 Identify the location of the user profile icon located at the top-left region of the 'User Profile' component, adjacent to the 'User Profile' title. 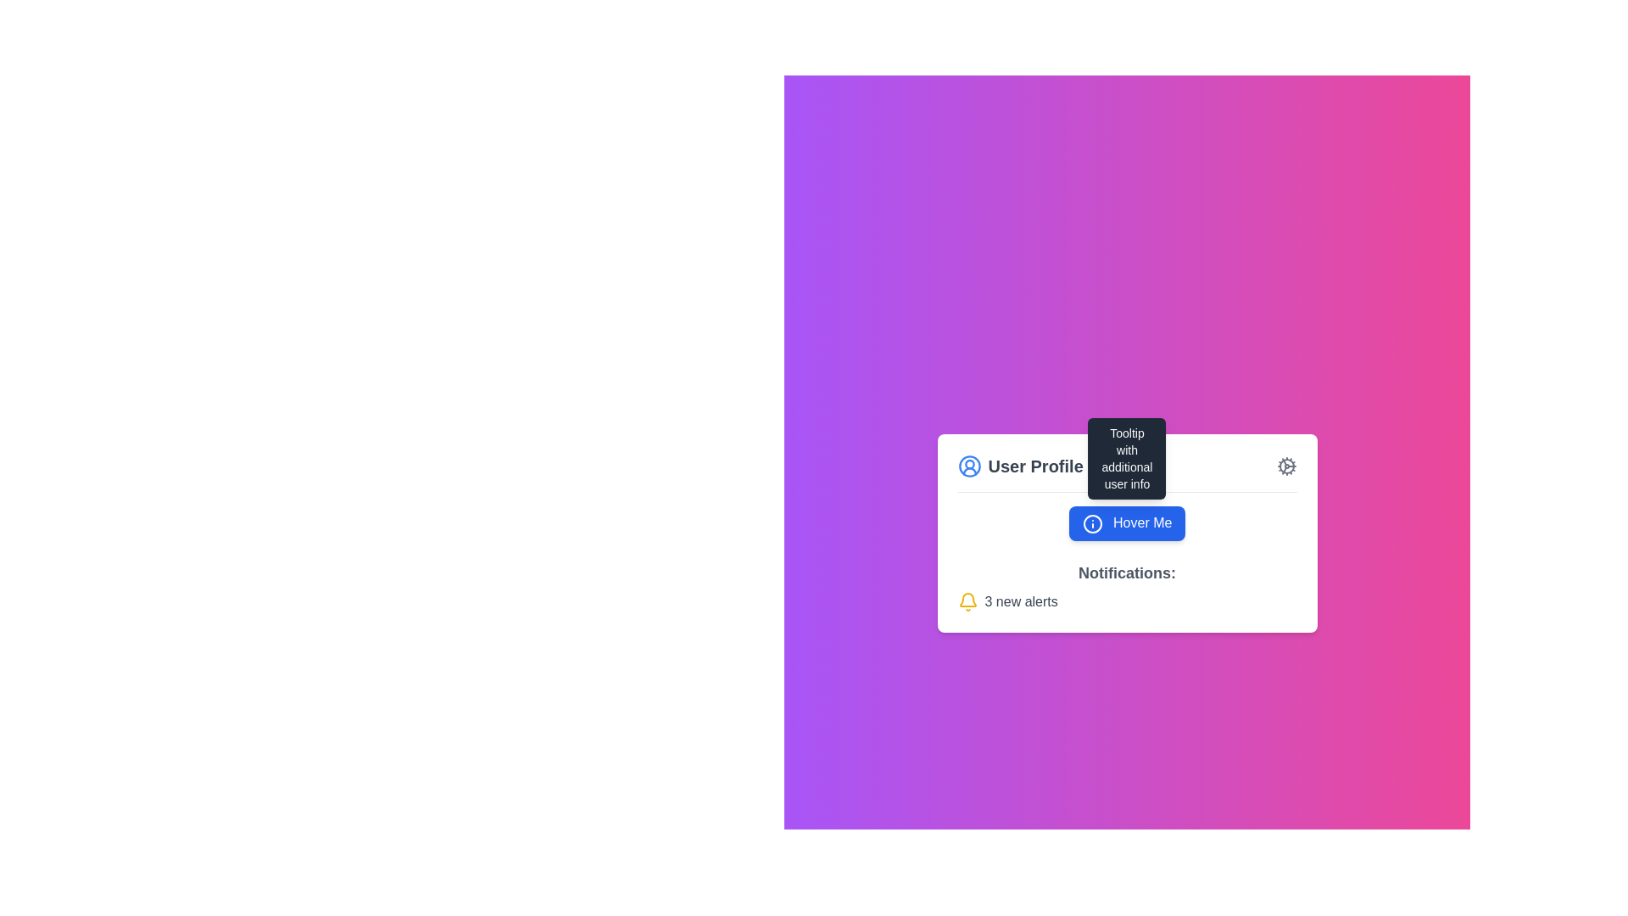
(969, 466).